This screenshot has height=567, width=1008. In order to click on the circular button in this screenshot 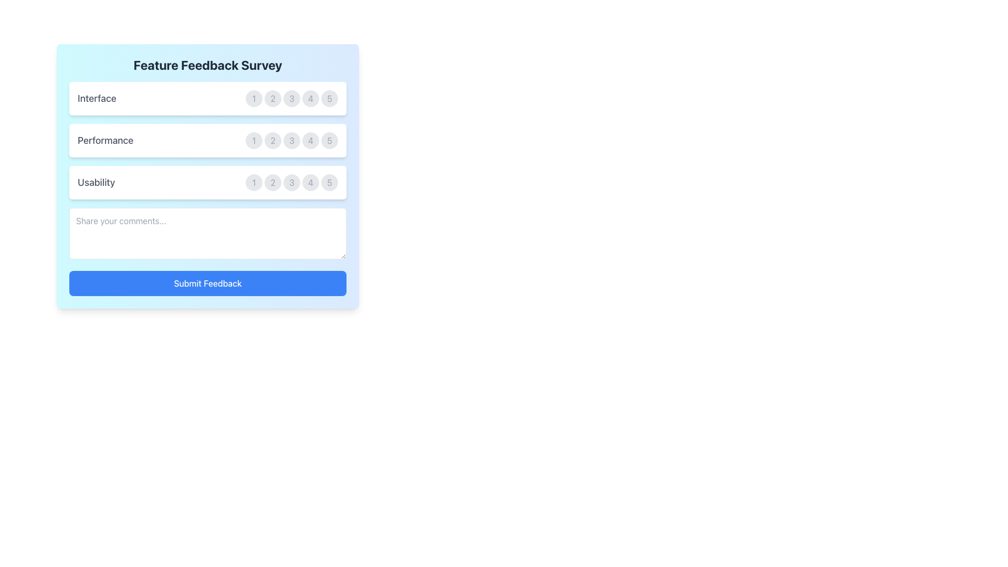, I will do `click(207, 182)`.